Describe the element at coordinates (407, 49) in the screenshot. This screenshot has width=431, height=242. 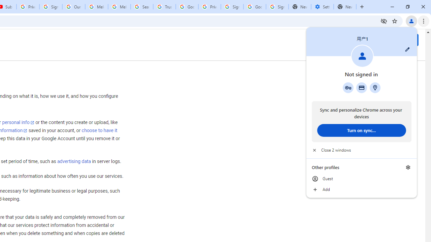
I see `'Customize profile'` at that location.